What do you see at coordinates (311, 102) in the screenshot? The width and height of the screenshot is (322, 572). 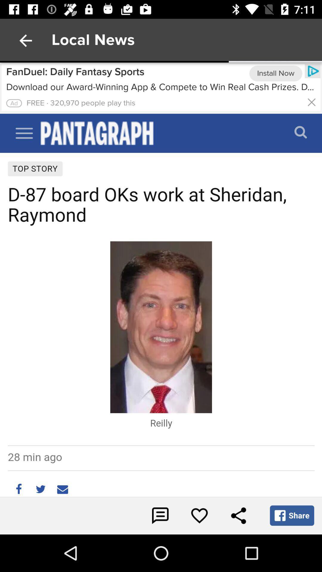 I see `advertisement bar` at bounding box center [311, 102].